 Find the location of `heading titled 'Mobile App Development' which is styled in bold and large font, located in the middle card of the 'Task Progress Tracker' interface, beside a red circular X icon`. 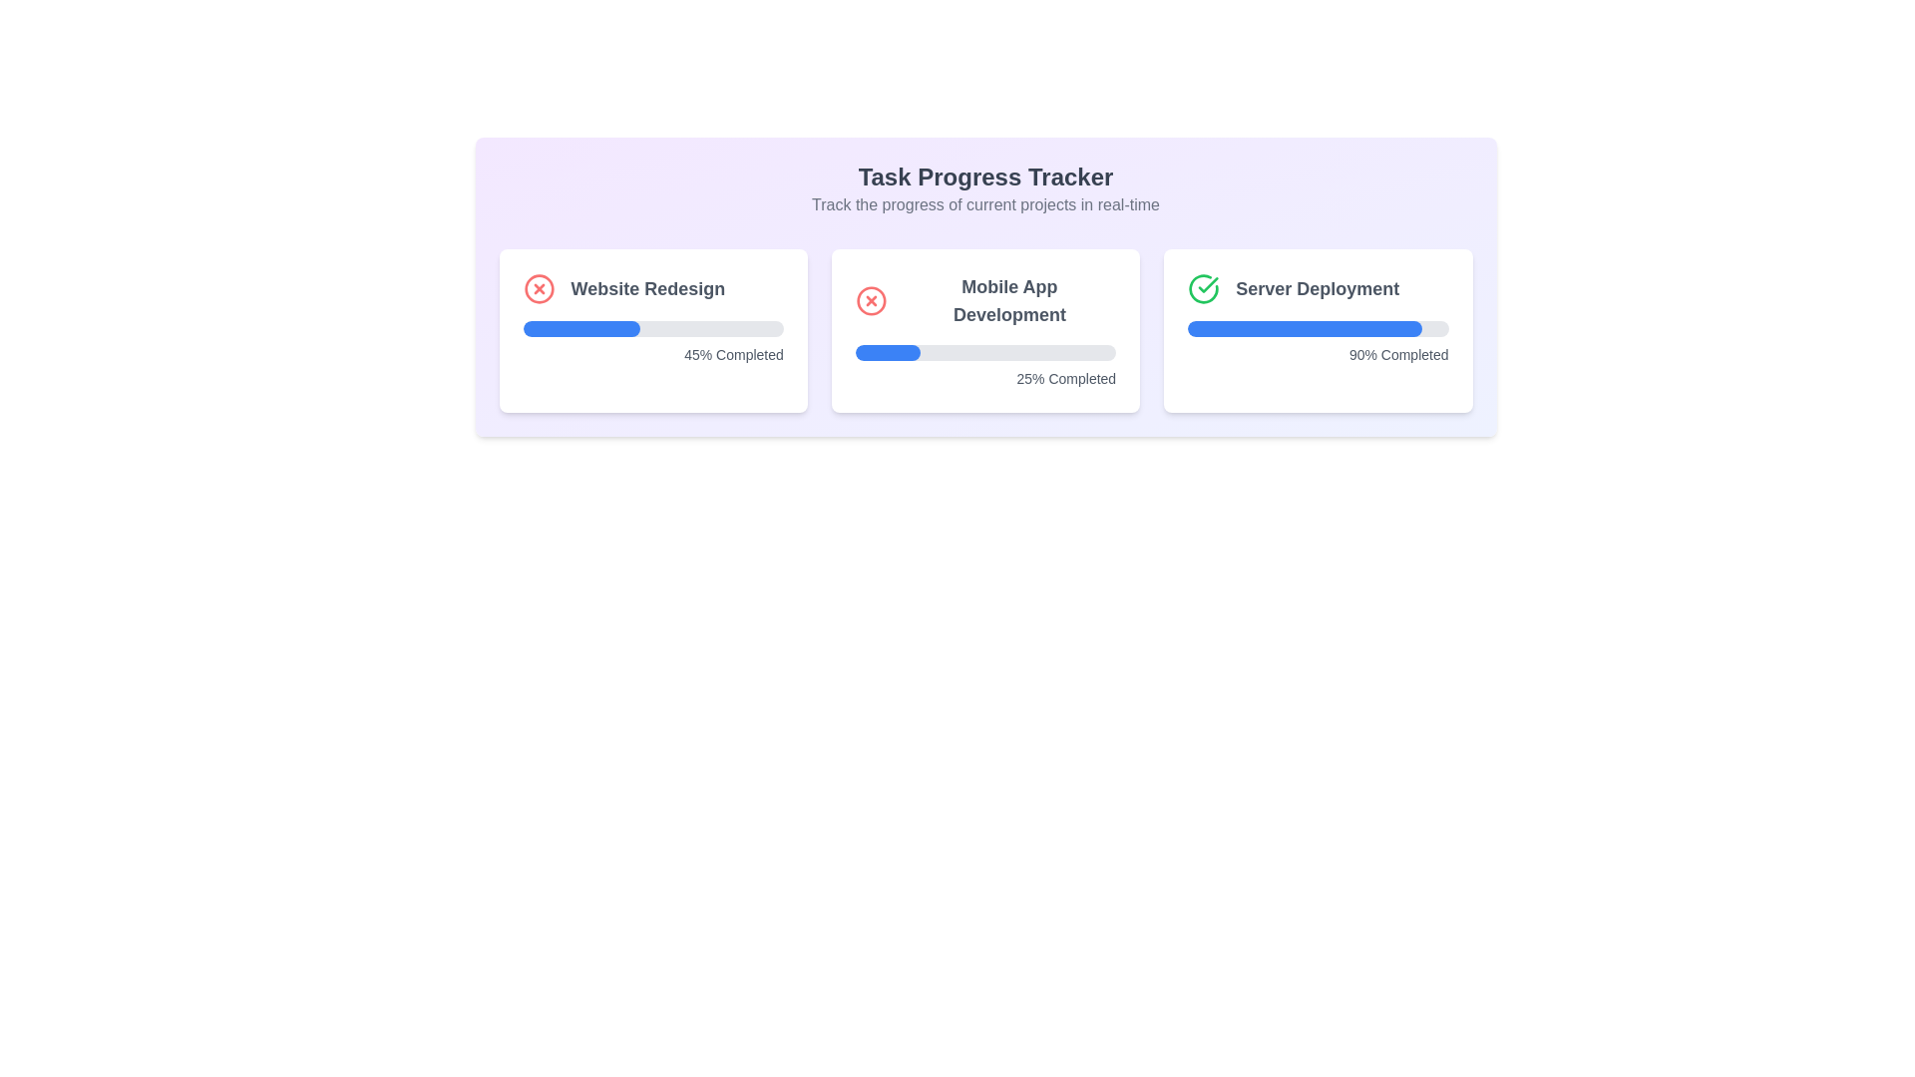

heading titled 'Mobile App Development' which is styled in bold and large font, located in the middle card of the 'Task Progress Tracker' interface, beside a red circular X icon is located at coordinates (985, 300).